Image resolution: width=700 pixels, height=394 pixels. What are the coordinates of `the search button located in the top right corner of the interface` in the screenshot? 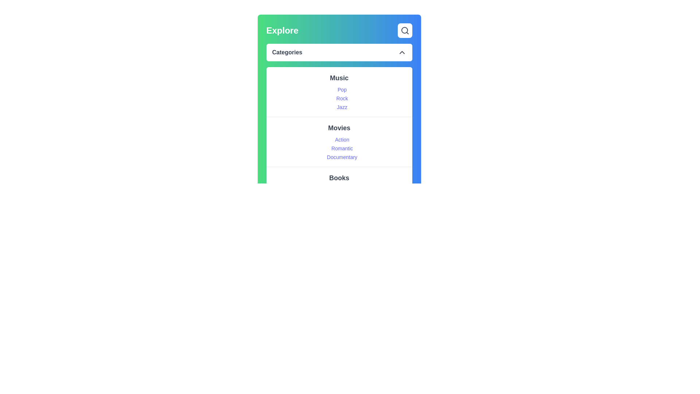 It's located at (404, 30).